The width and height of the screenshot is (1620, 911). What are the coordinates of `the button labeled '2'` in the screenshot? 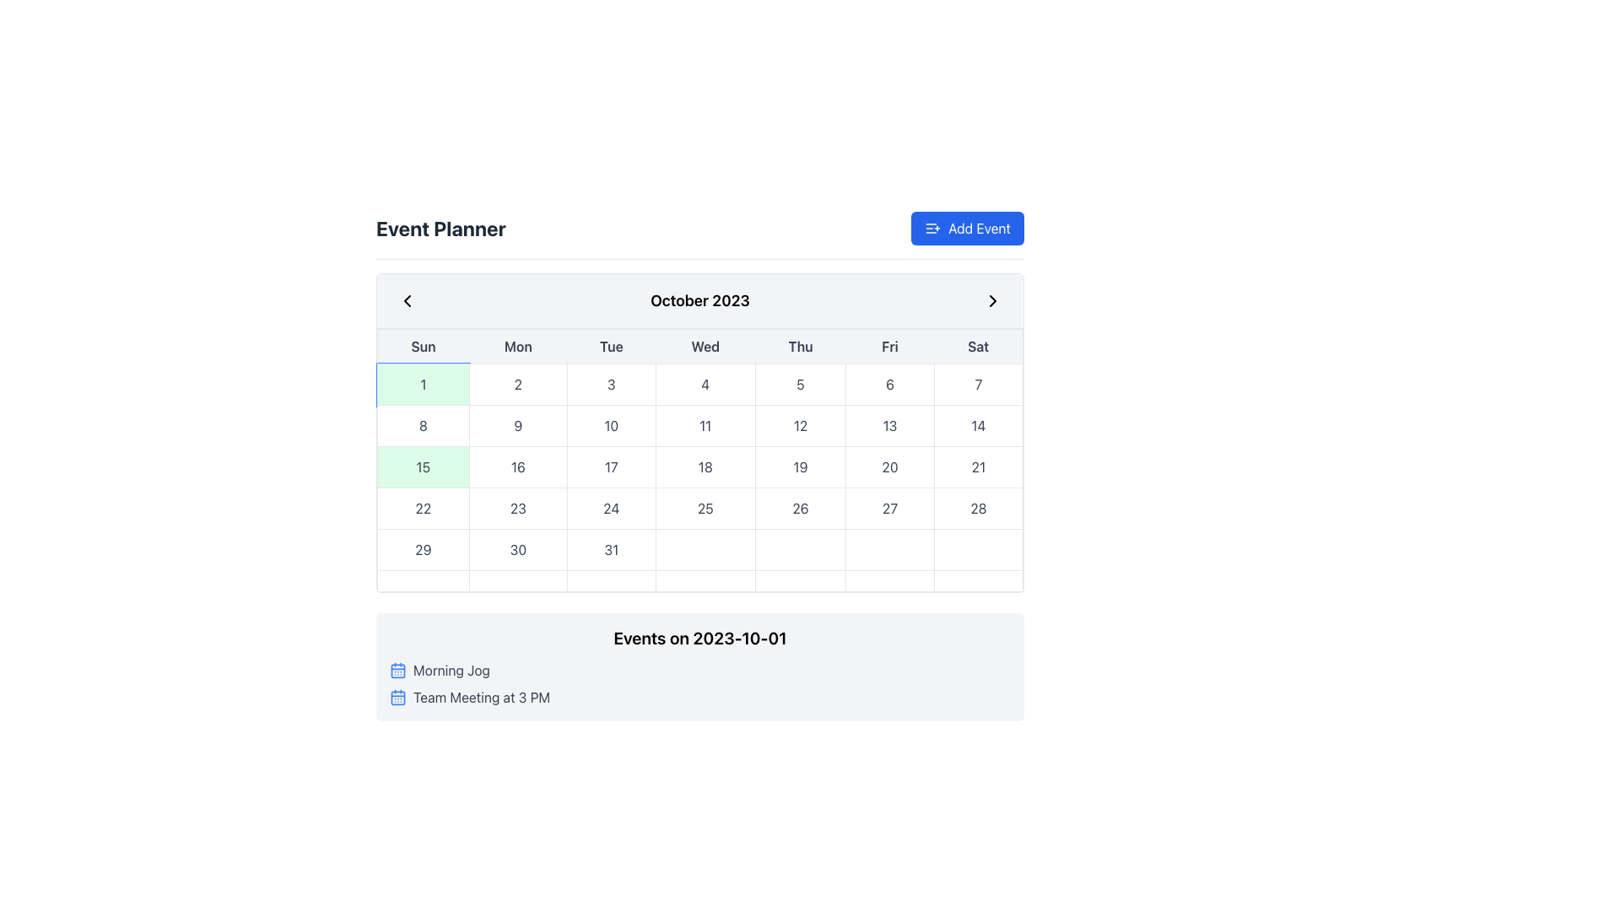 It's located at (517, 384).